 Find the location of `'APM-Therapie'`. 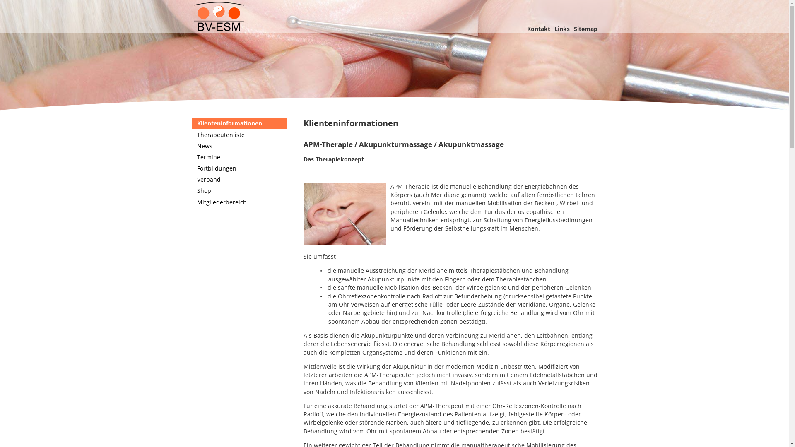

'APM-Therapie' is located at coordinates (394, 58).